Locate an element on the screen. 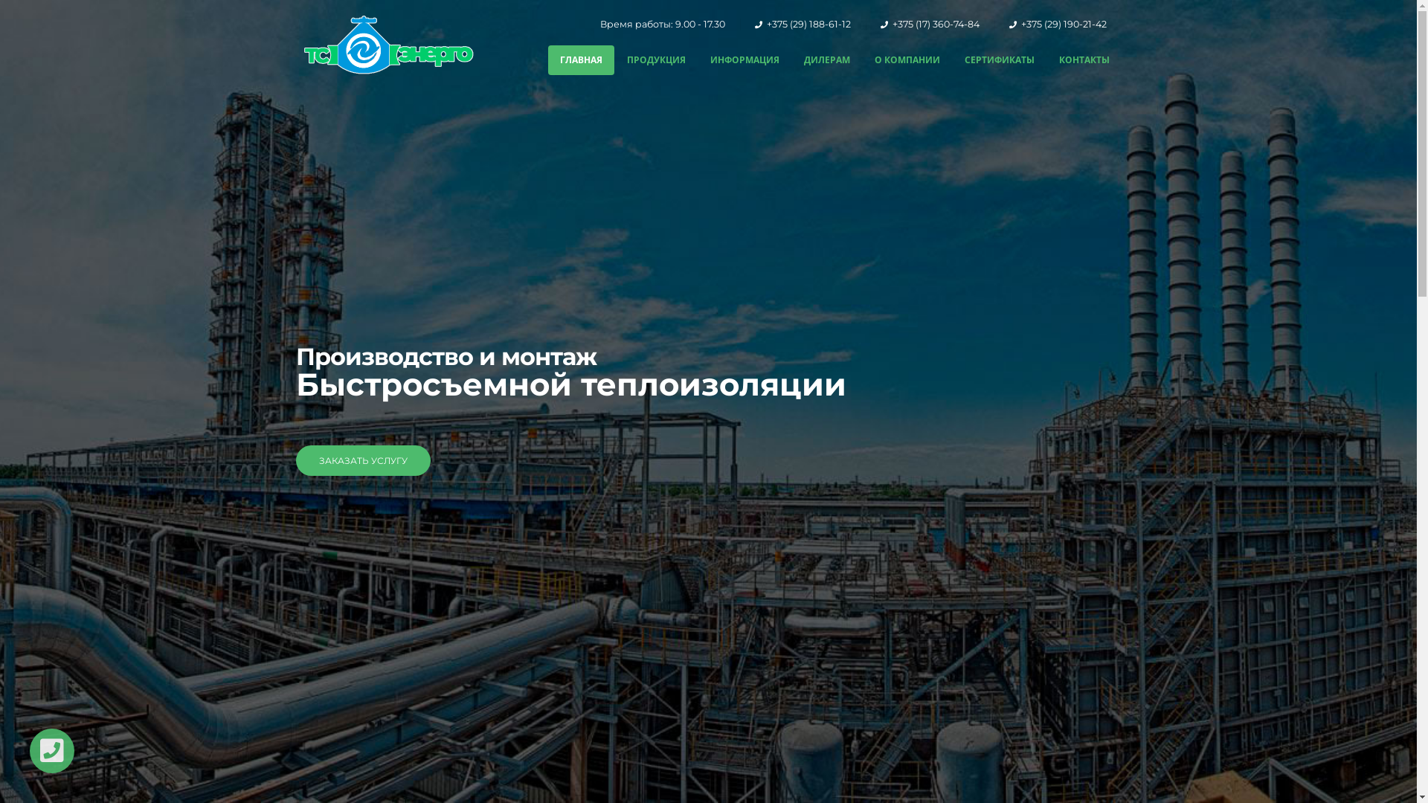 The height and width of the screenshot is (803, 1428). '+375 (29) 190-21-42' is located at coordinates (1020, 24).